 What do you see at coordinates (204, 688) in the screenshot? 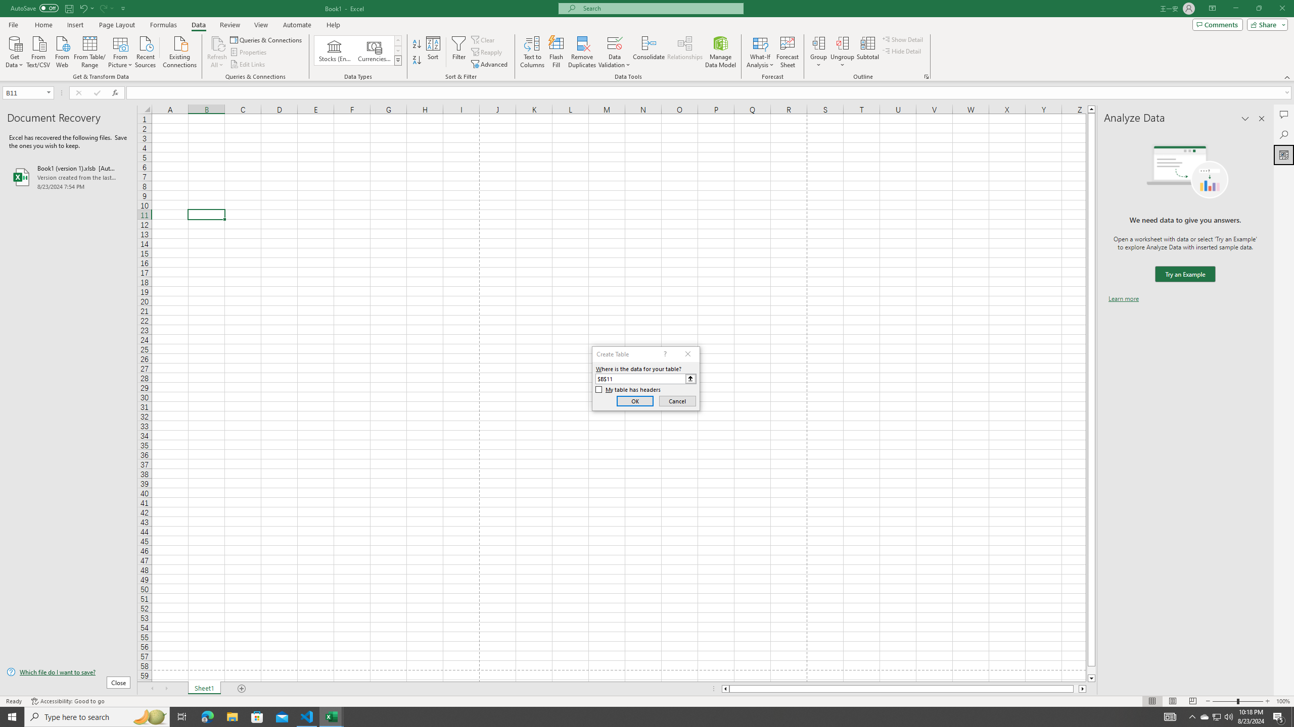
I see `'Sheet1'` at bounding box center [204, 688].